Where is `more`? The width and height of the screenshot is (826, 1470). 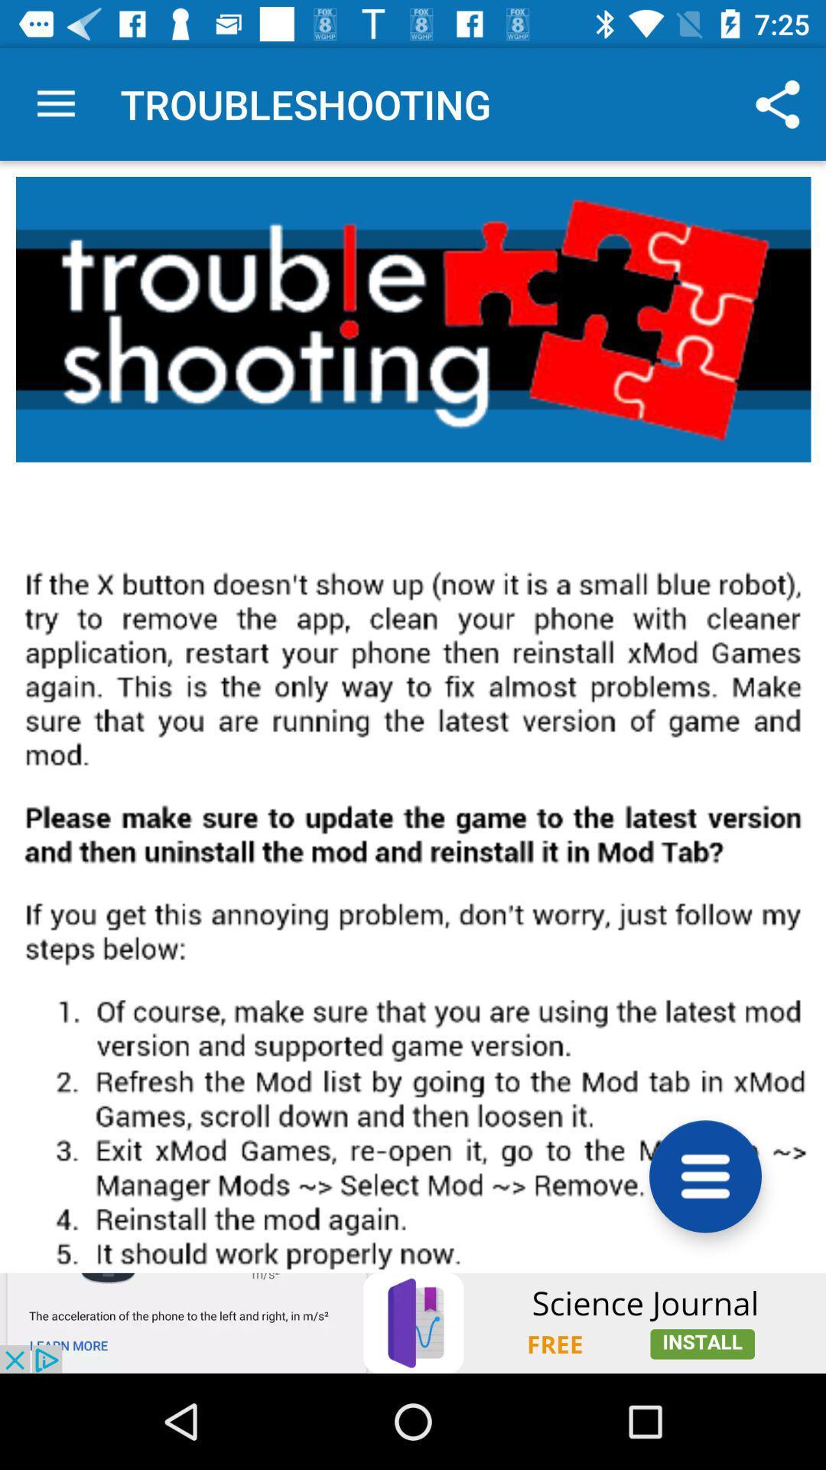 more is located at coordinates (705, 1175).